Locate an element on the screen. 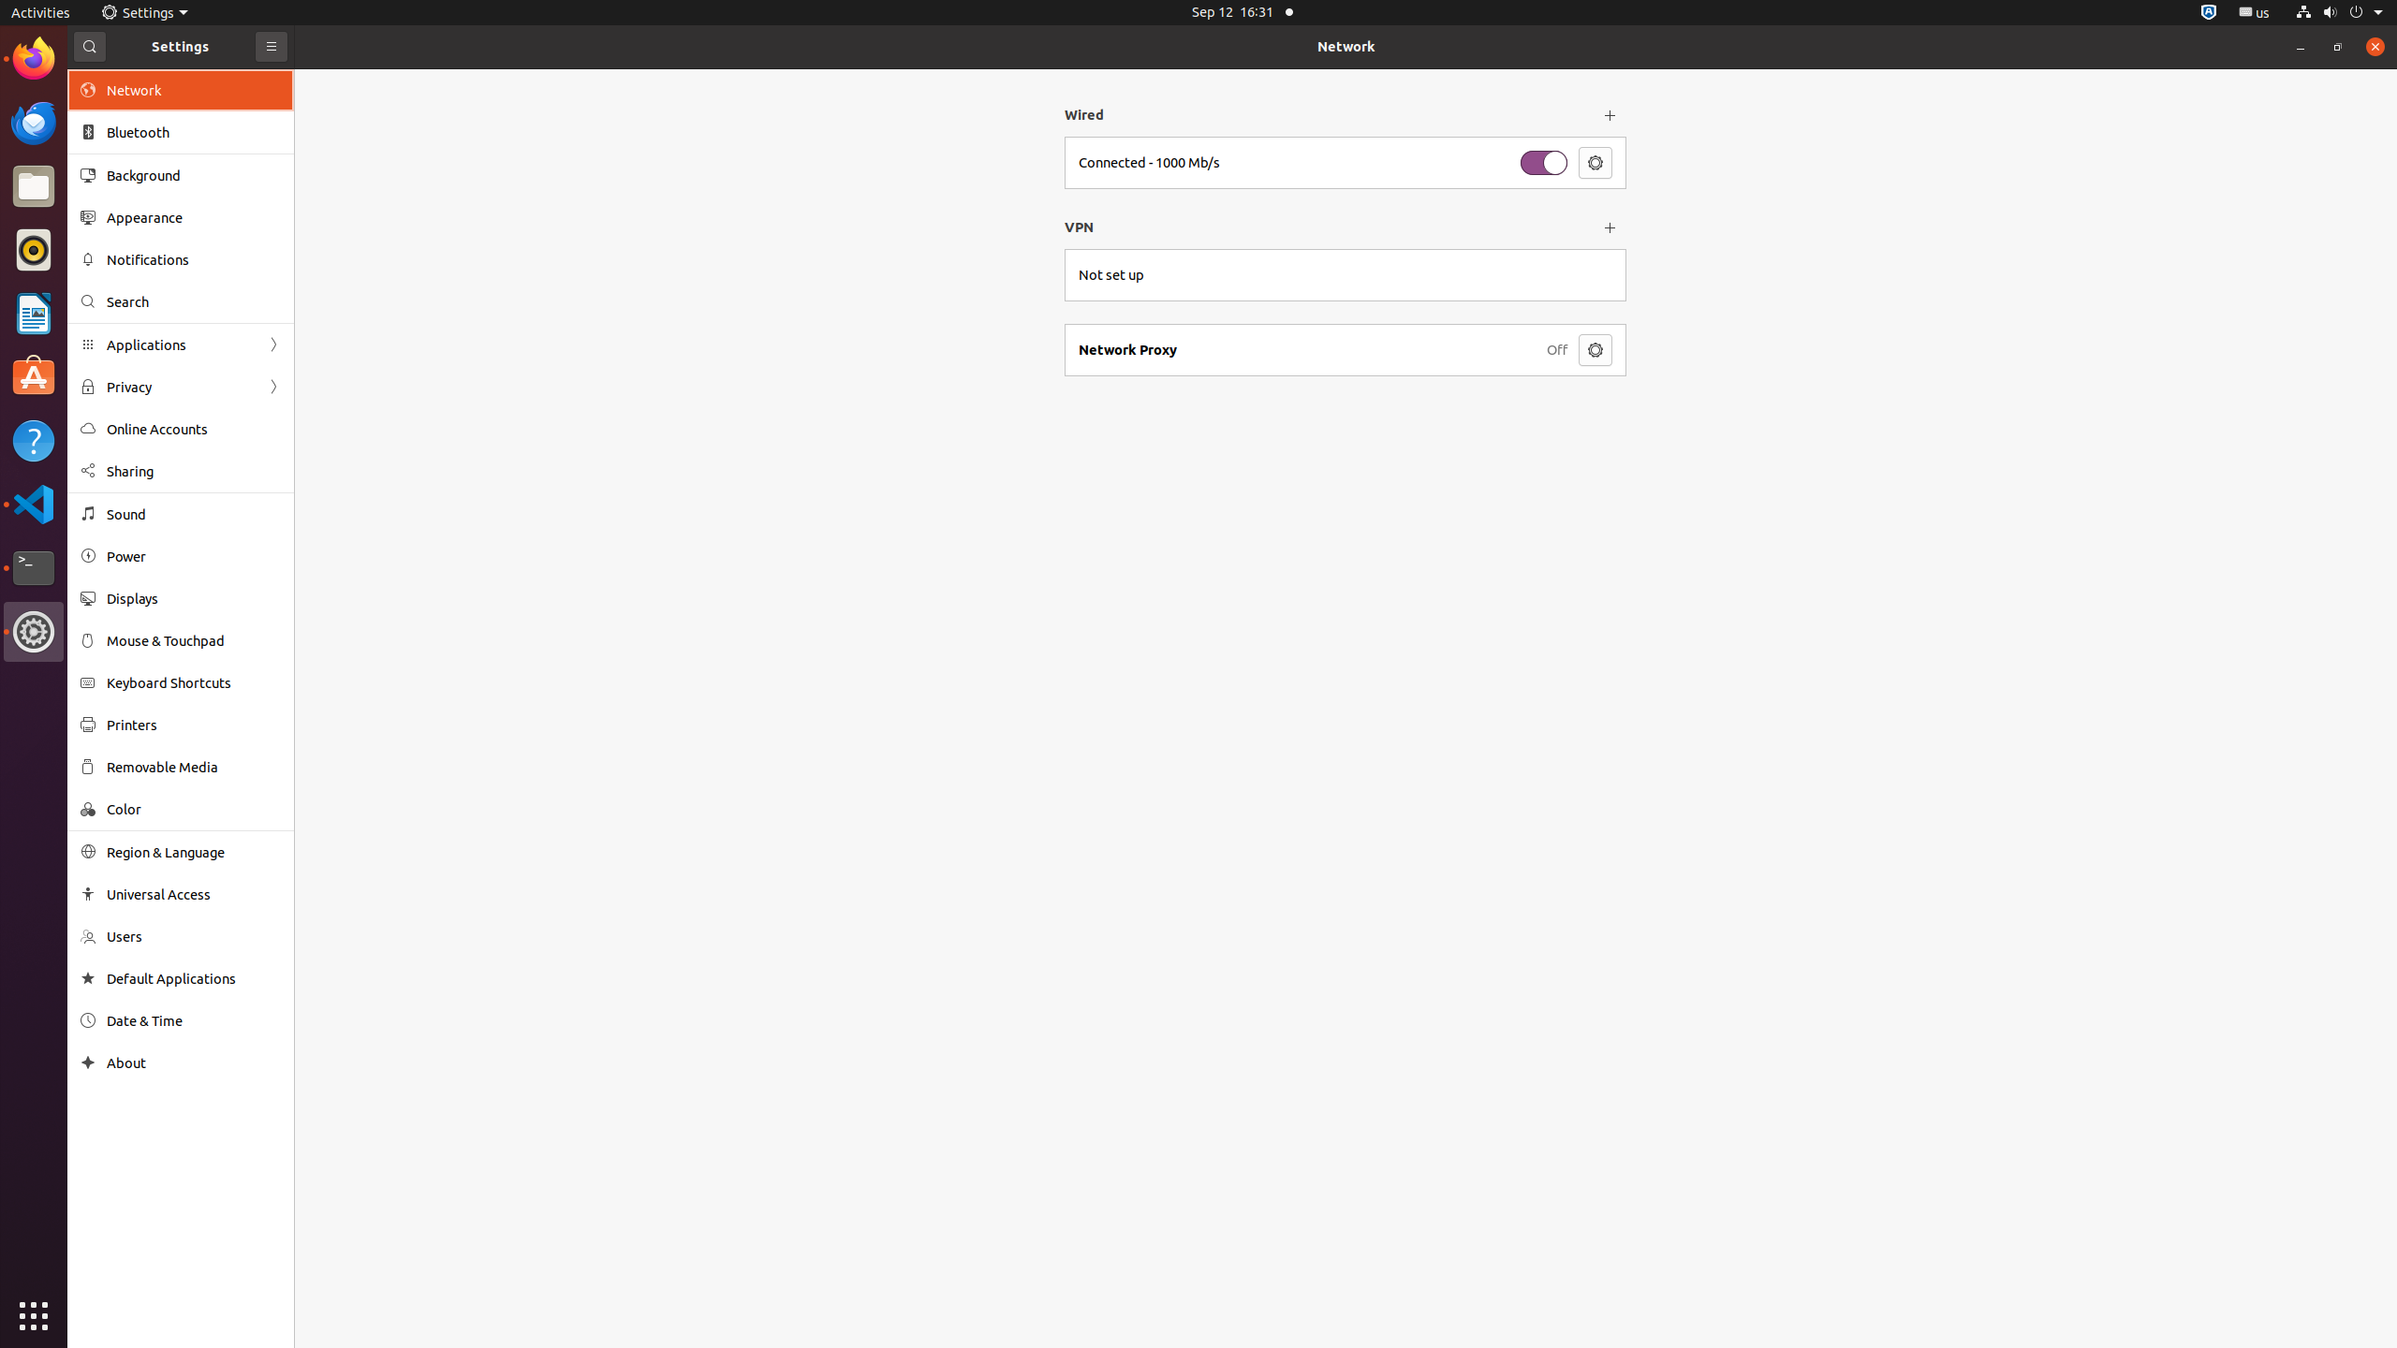 This screenshot has height=1348, width=2397. 'Restore' is located at coordinates (2337, 46).